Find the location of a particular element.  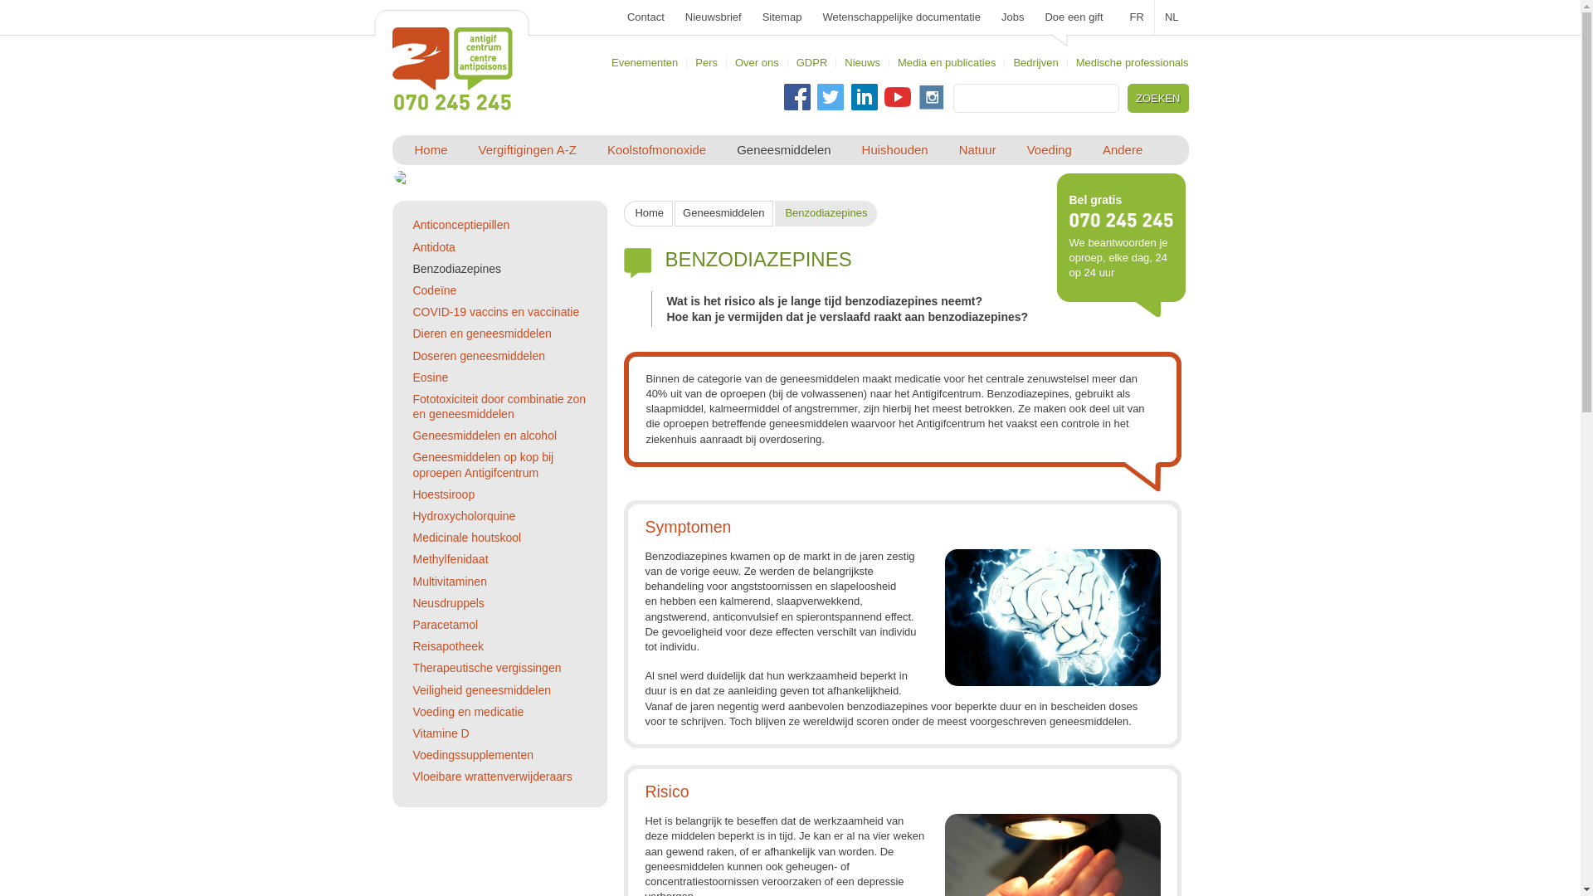

'Doseren geneesmiddelen' is located at coordinates (477, 354).